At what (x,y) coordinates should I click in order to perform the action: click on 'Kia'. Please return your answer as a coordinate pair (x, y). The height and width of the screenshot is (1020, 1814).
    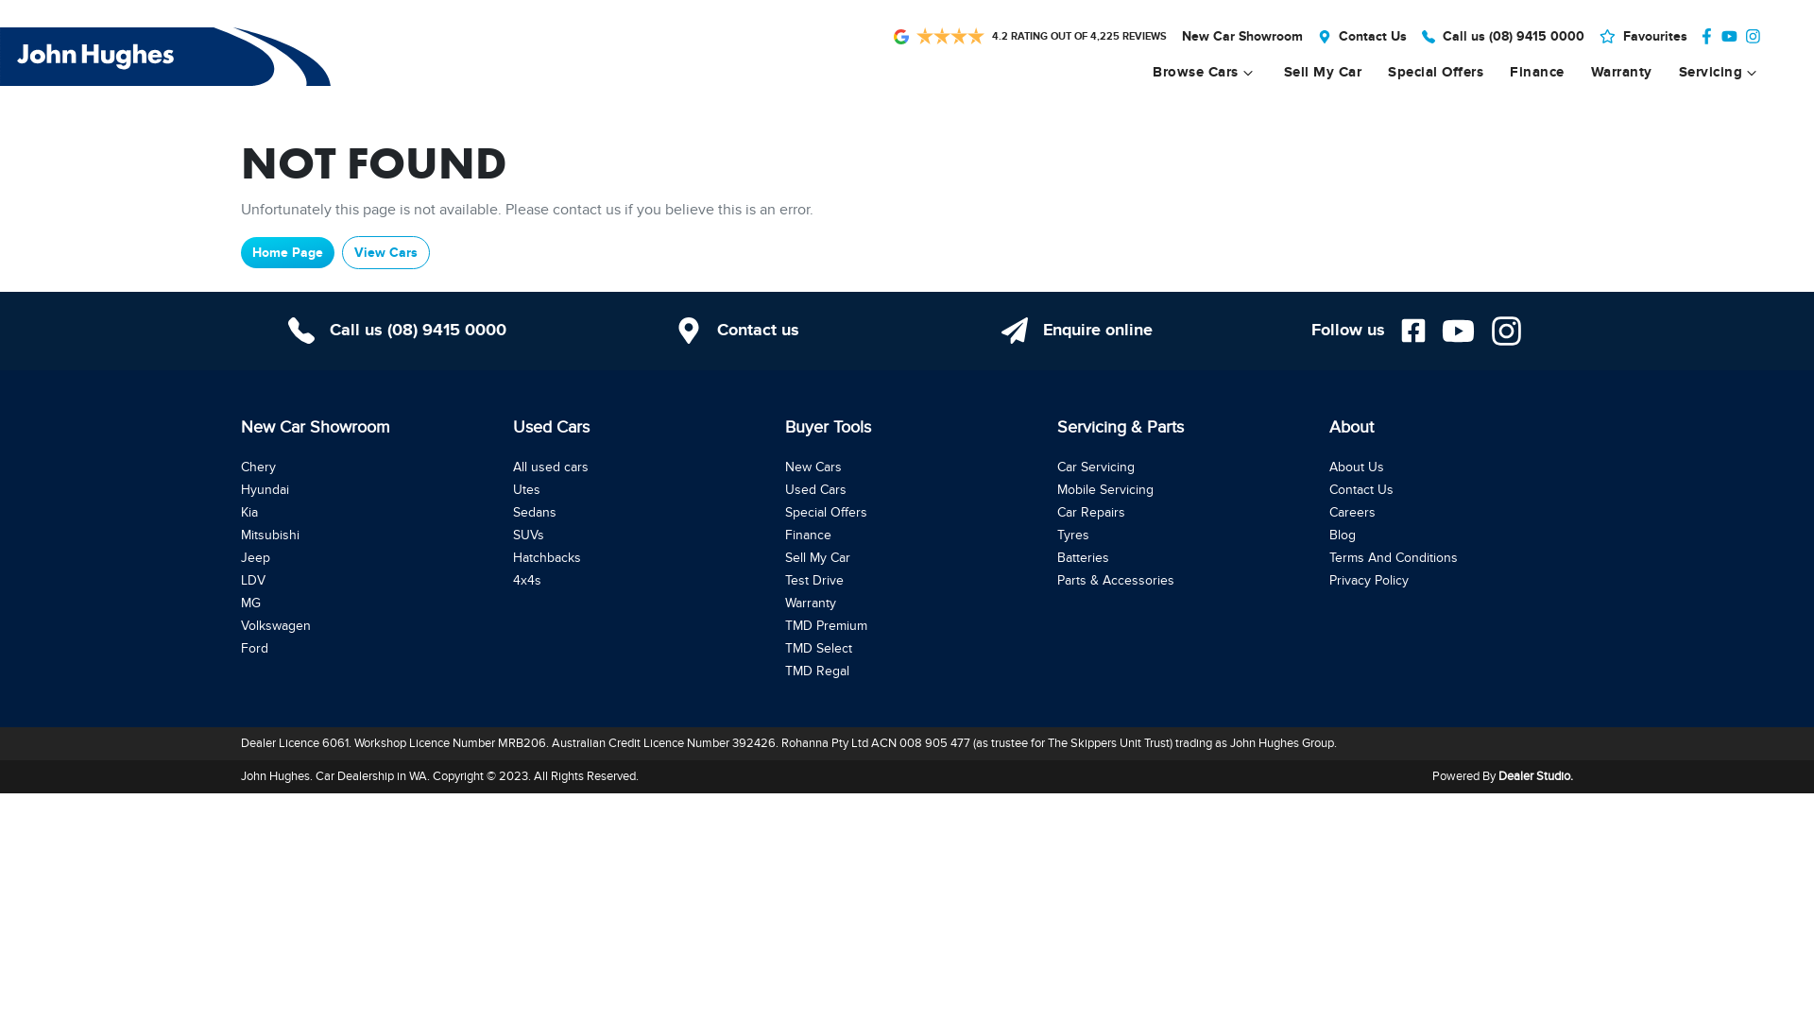
    Looking at the image, I should click on (248, 512).